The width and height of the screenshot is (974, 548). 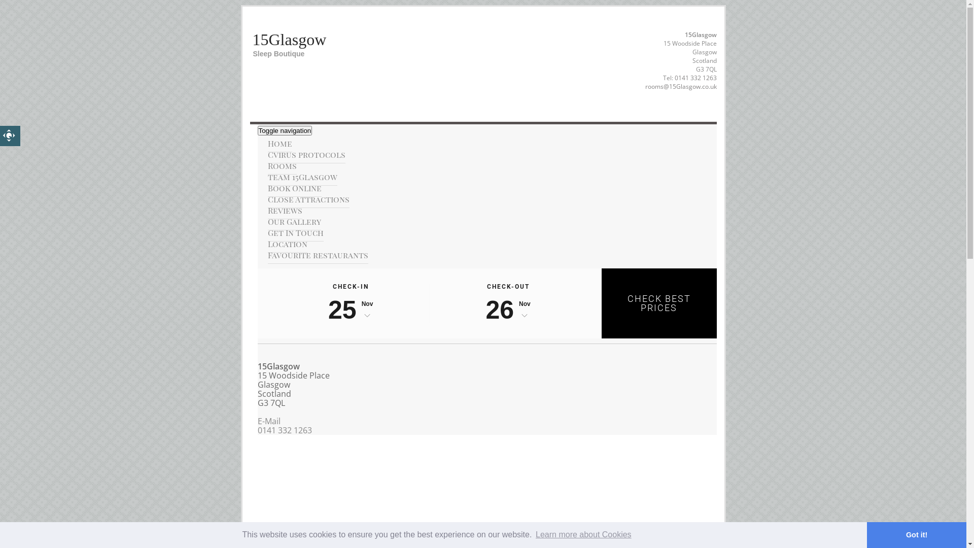 I want to click on 'Book Online', so click(x=294, y=188).